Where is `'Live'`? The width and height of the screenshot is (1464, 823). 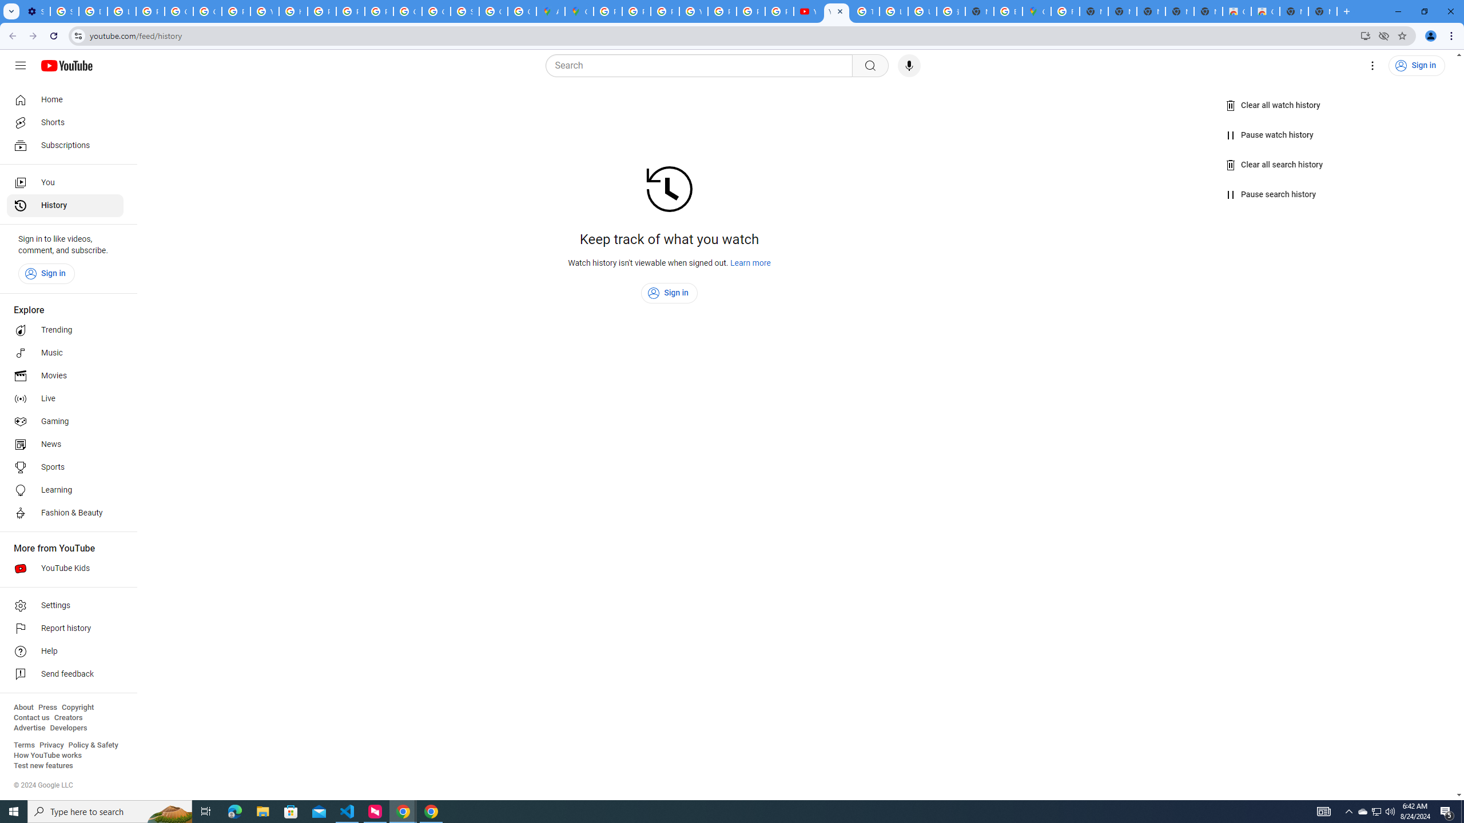 'Live' is located at coordinates (65, 398).